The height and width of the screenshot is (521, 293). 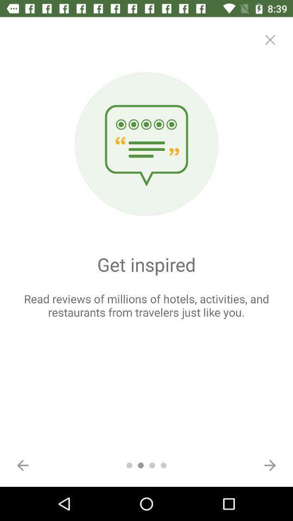 I want to click on the close icon, so click(x=269, y=40).